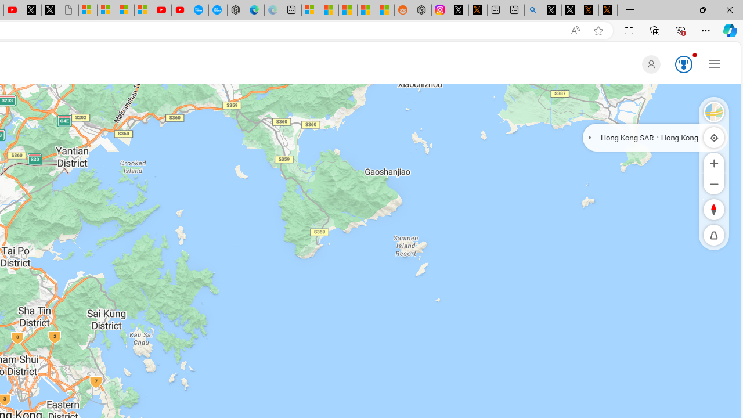  Describe the element at coordinates (218, 10) in the screenshot. I see `'The most popular Google '` at that location.